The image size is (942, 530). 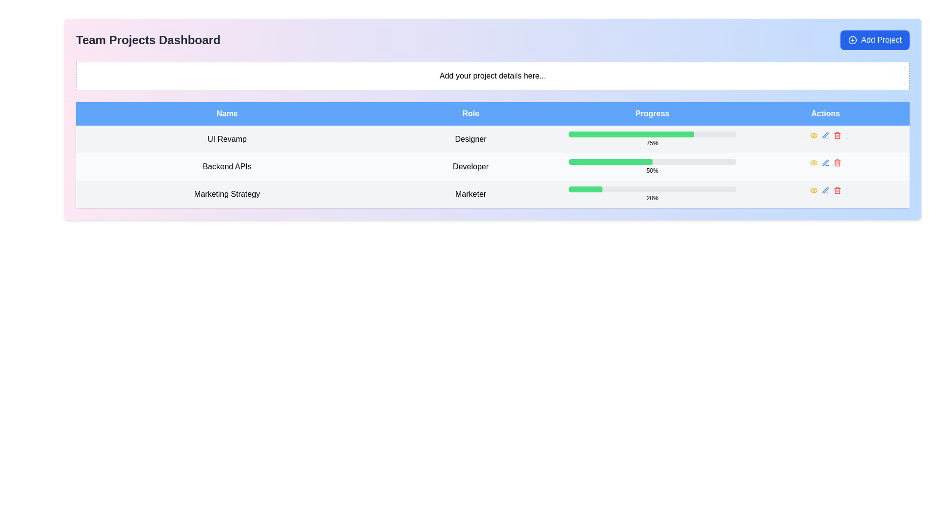 What do you see at coordinates (652, 143) in the screenshot?
I see `value displayed in the text label that indicates the percentage progress, located directly beneath the green filled portion of the progress bar in the 'Progress' column of the 'Designer' row in the table` at bounding box center [652, 143].